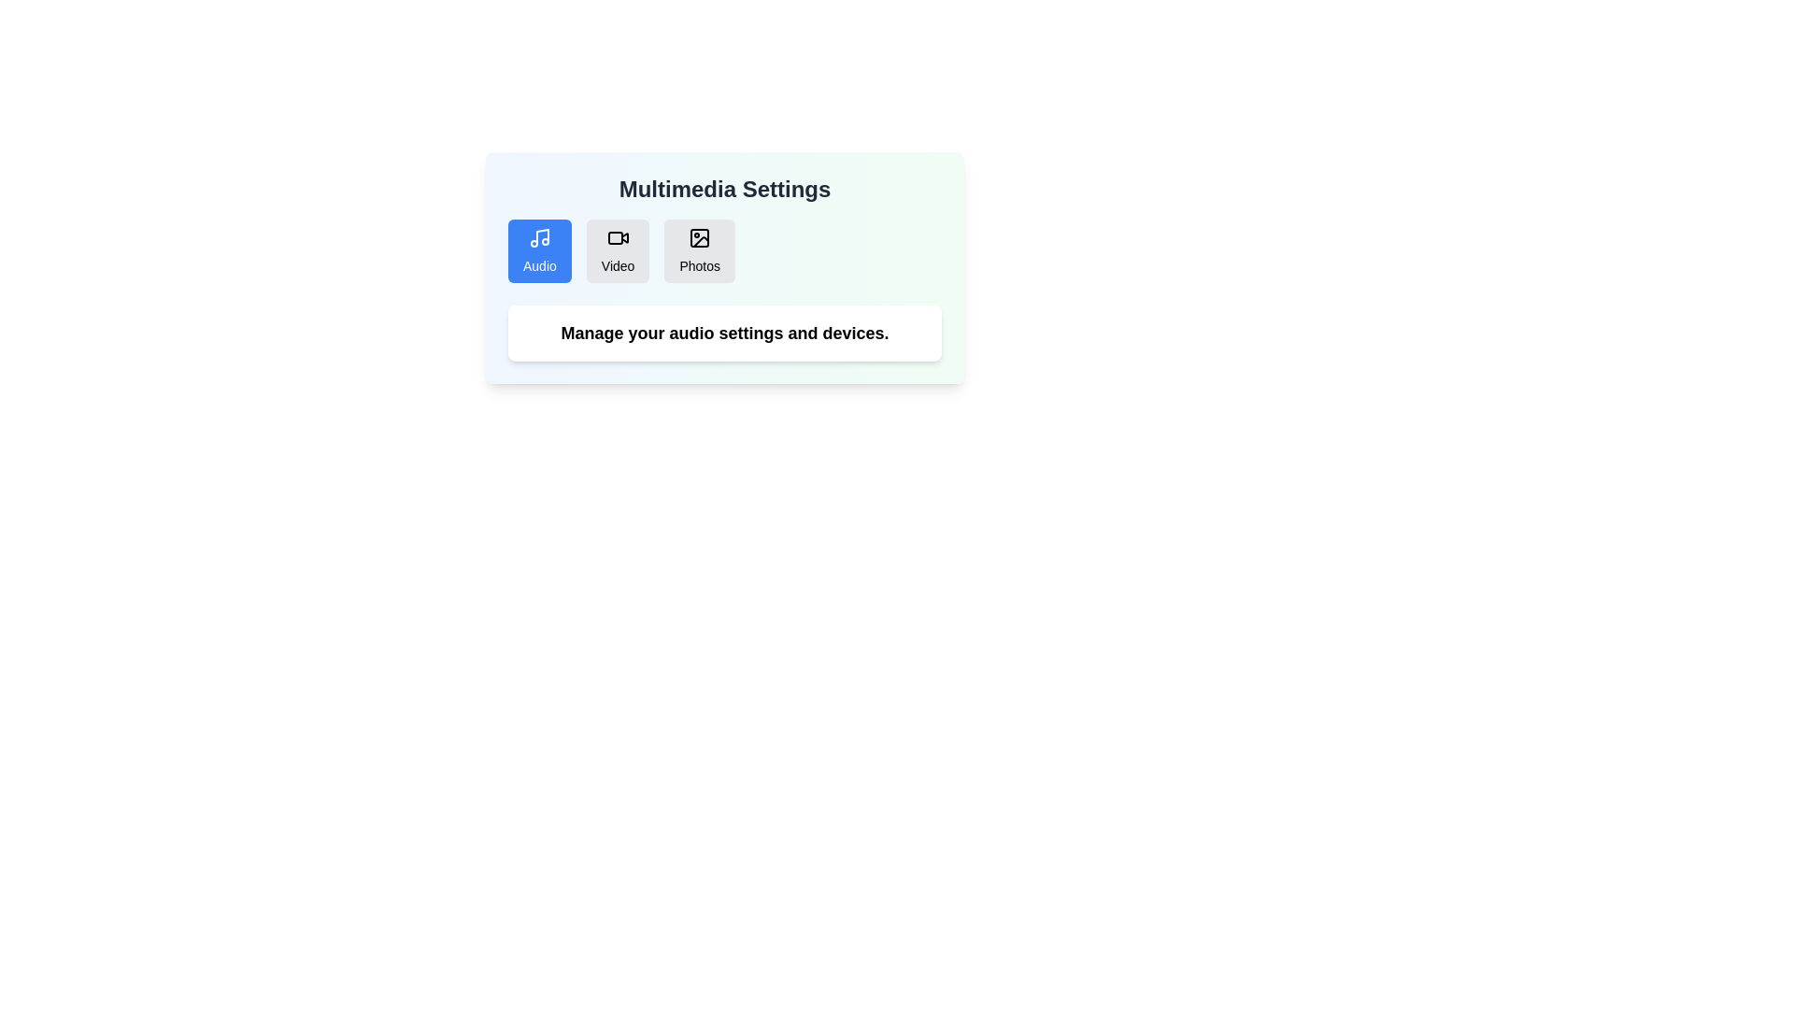  Describe the element at coordinates (724, 333) in the screenshot. I see `the Text Label that provides information about managing audio settings and devices, located below the 'Audio', 'Video', and 'Photos' buttons` at that location.